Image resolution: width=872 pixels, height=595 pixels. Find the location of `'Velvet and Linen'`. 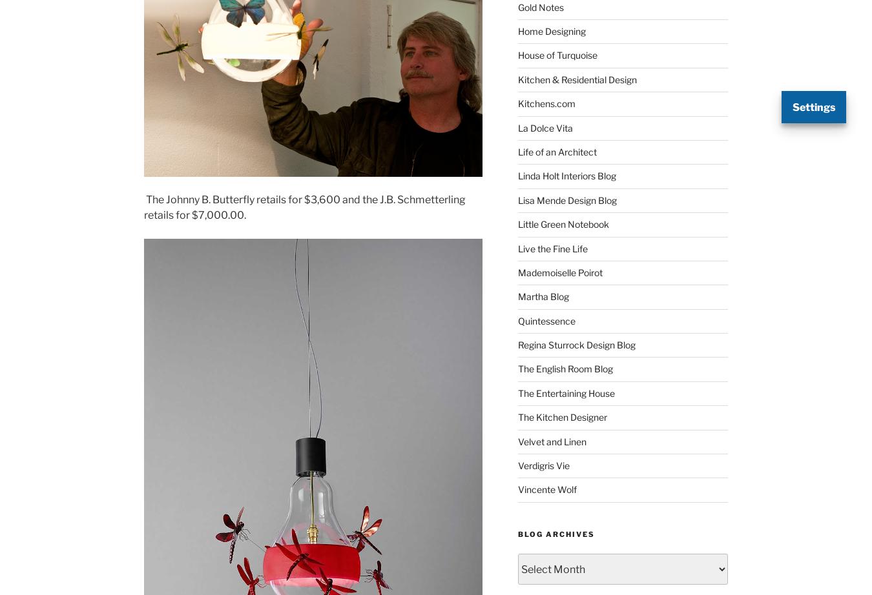

'Velvet and Linen' is located at coordinates (517, 441).